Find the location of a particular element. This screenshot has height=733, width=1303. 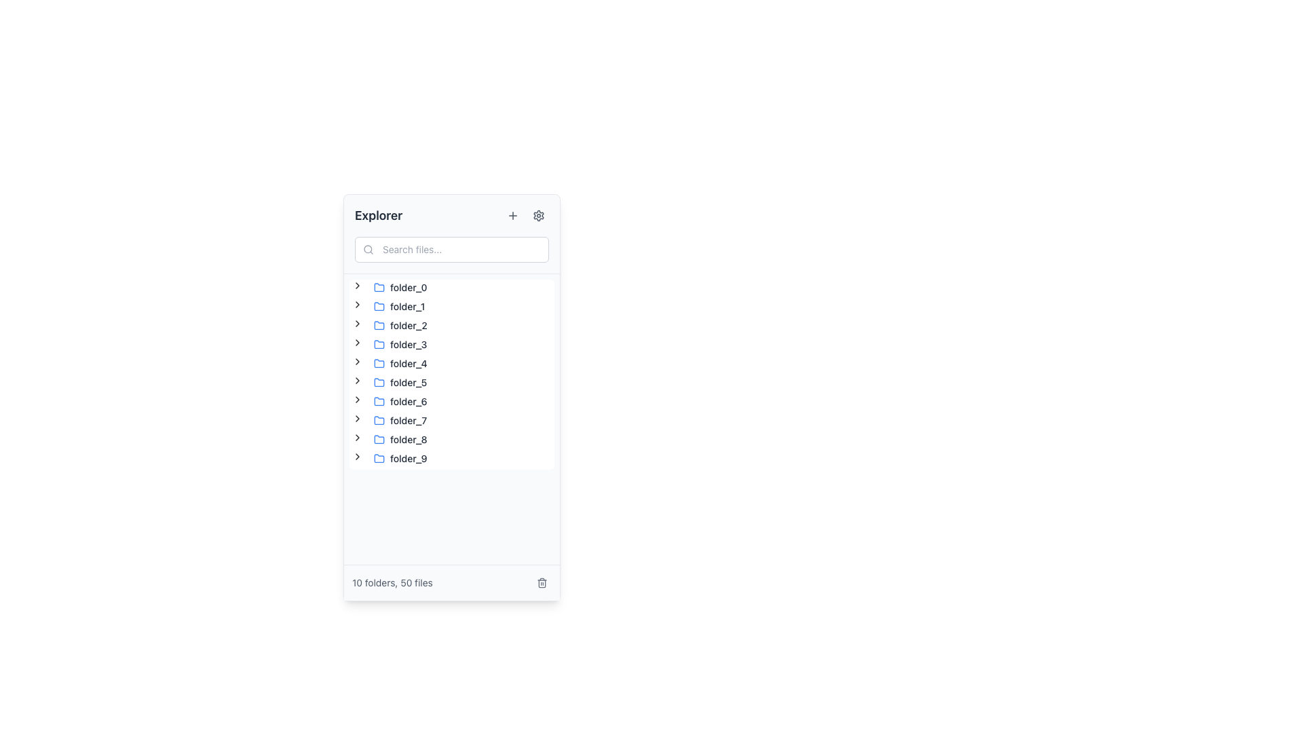

the list item labeled 'folder_1' in the left-side explorer panel is located at coordinates (398, 306).